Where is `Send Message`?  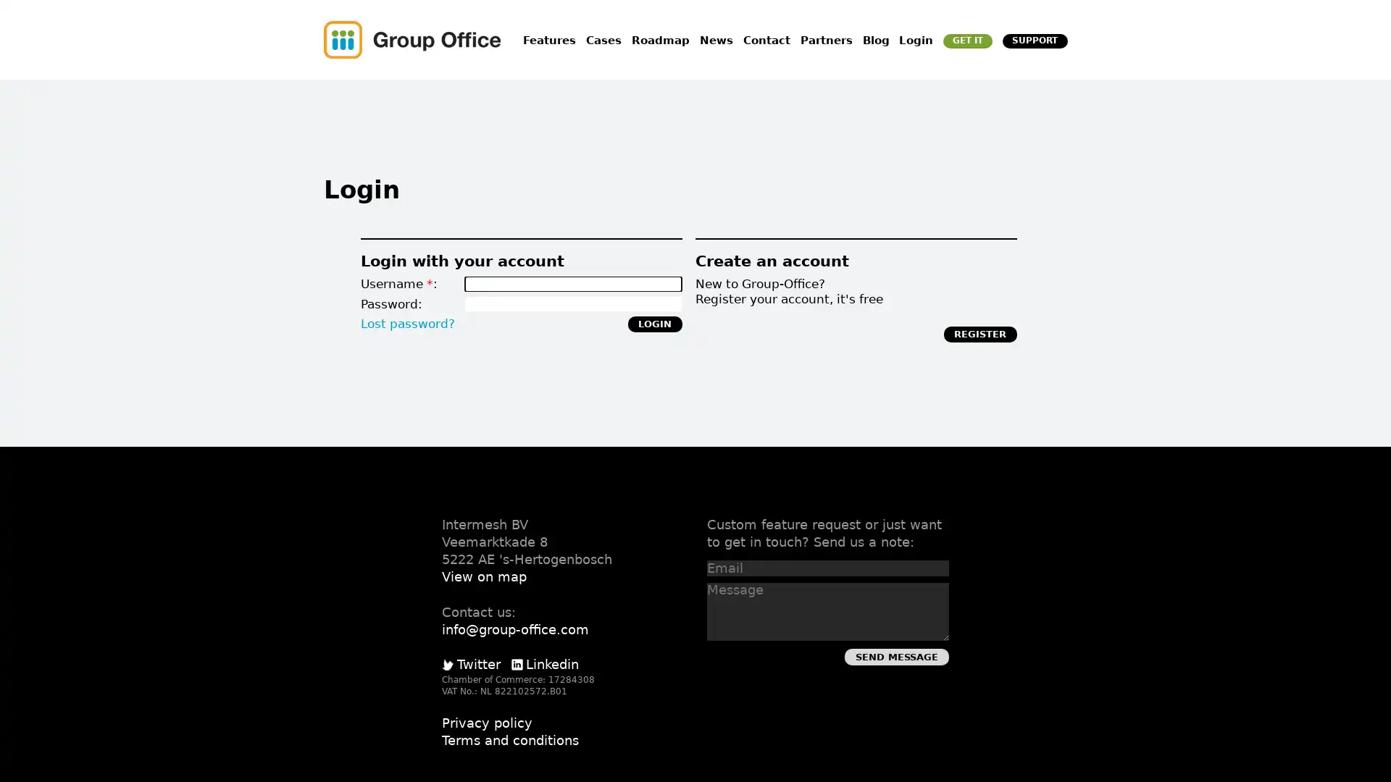 Send Message is located at coordinates (895, 656).